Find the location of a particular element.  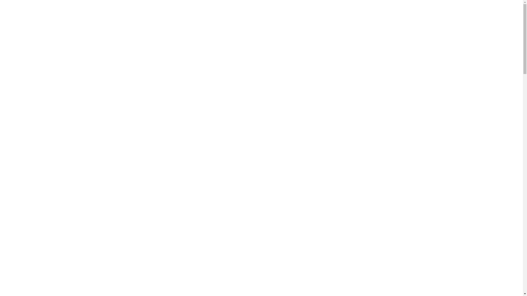

'Far North Coast Conveyancing' is located at coordinates (145, 24).